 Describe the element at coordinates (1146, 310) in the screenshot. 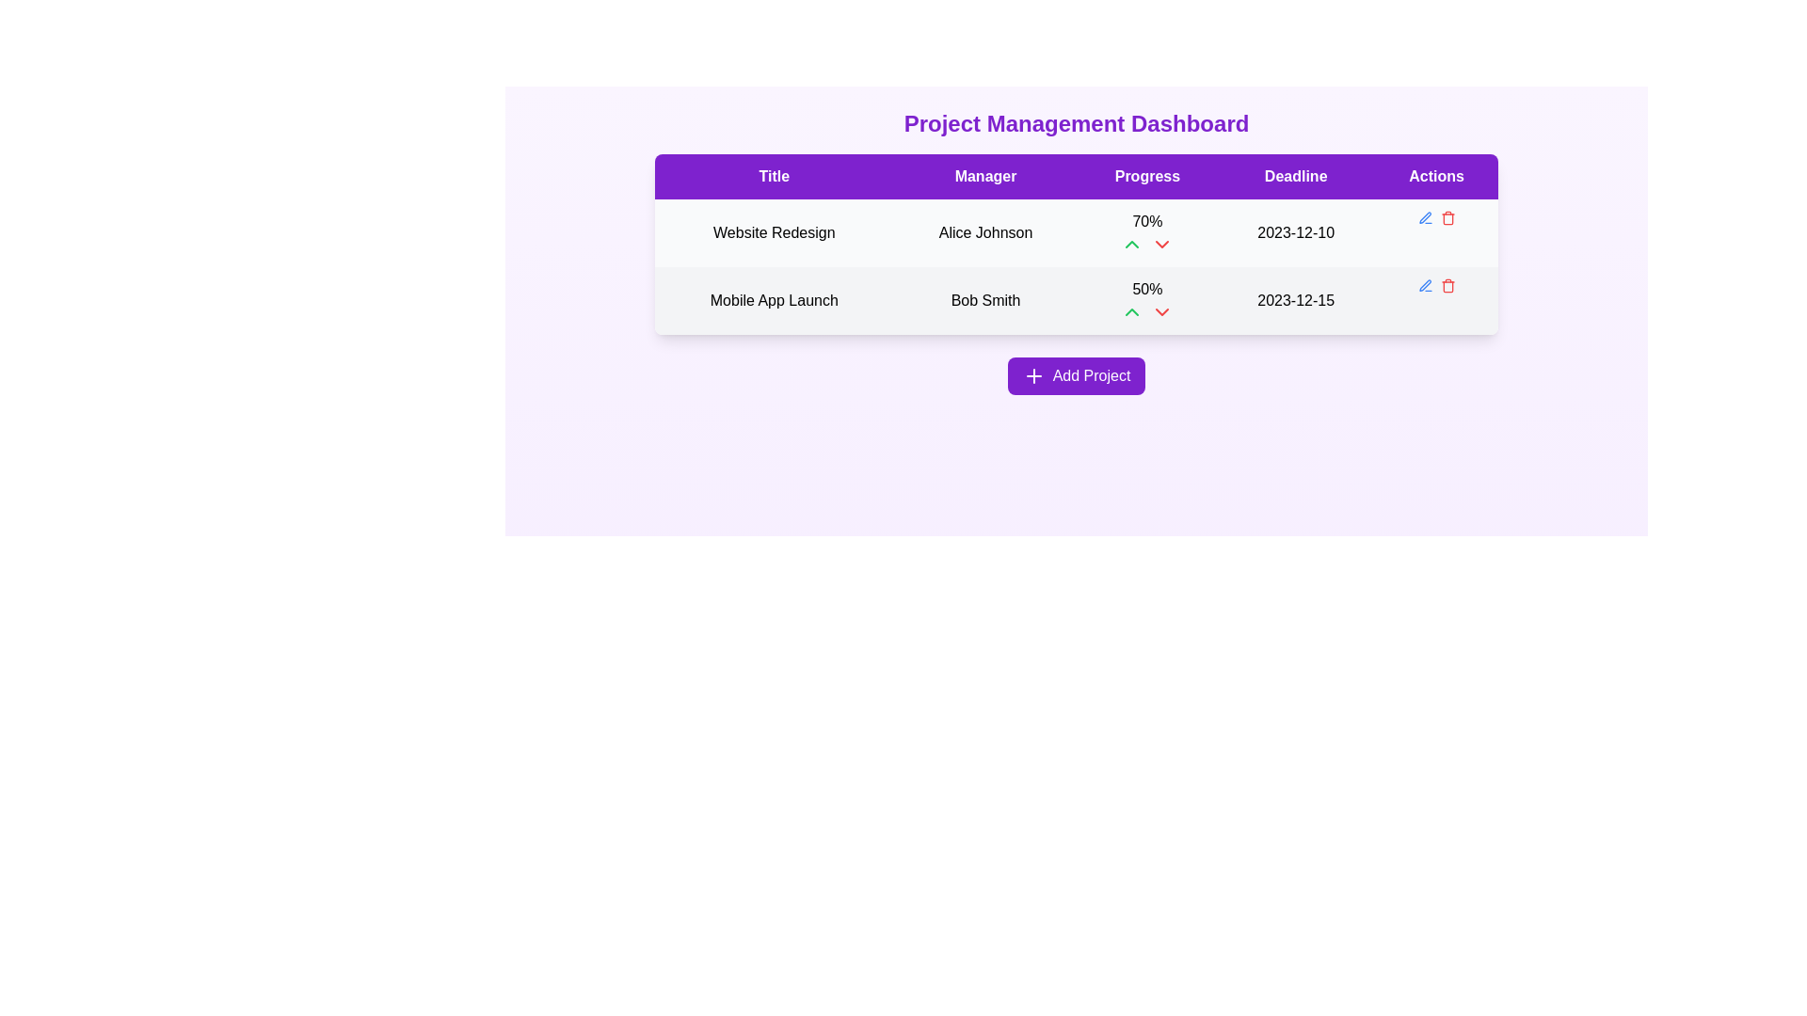

I see `the upward chevron of the interactive progress indicator located in the 'Progress' column of the 'Mobile App Launch' row to increase the progress value` at that location.